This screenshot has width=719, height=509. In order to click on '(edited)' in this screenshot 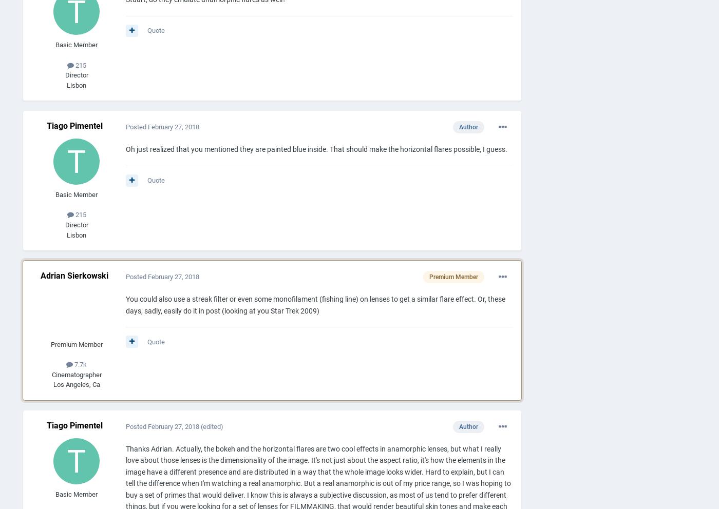, I will do `click(212, 426)`.